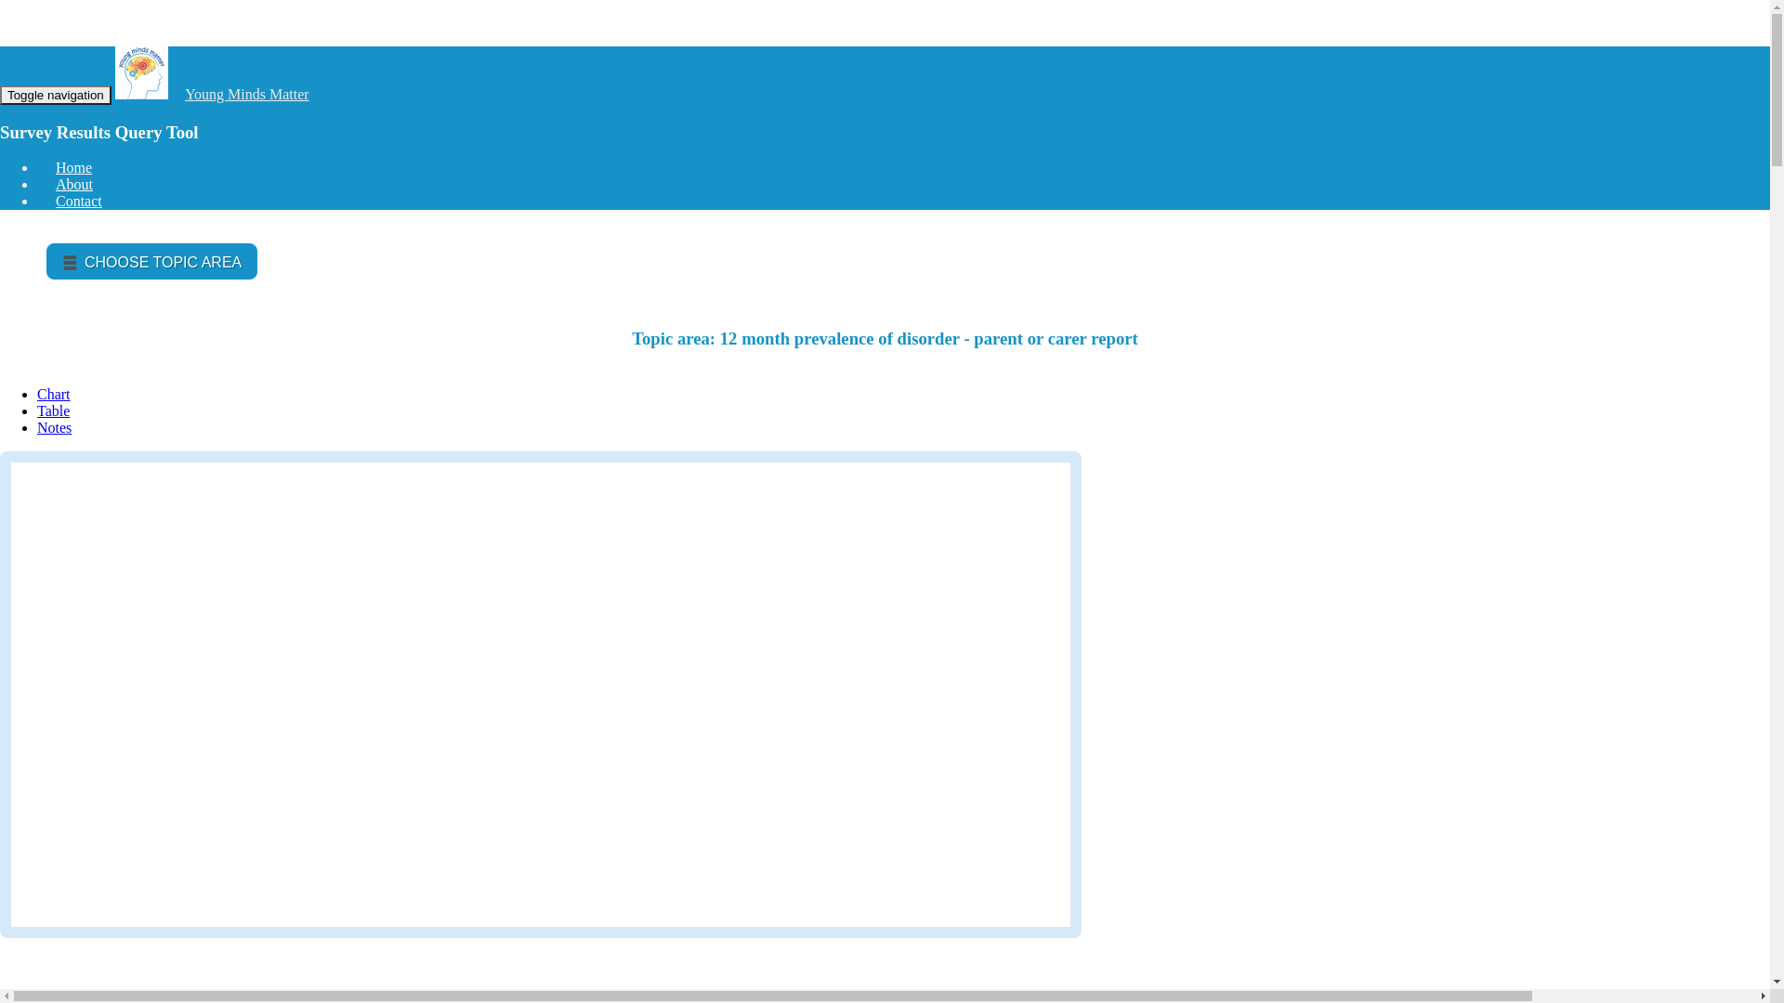 The image size is (1784, 1003). What do you see at coordinates (74, 184) in the screenshot?
I see `'About'` at bounding box center [74, 184].